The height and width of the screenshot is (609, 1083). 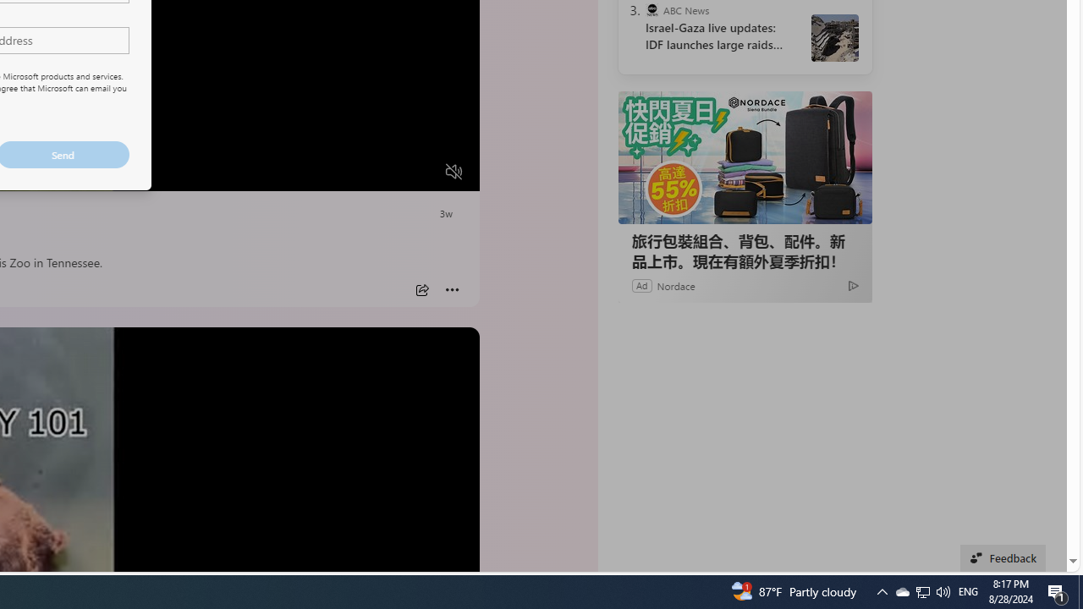 I want to click on 'Unmute', so click(x=454, y=172).